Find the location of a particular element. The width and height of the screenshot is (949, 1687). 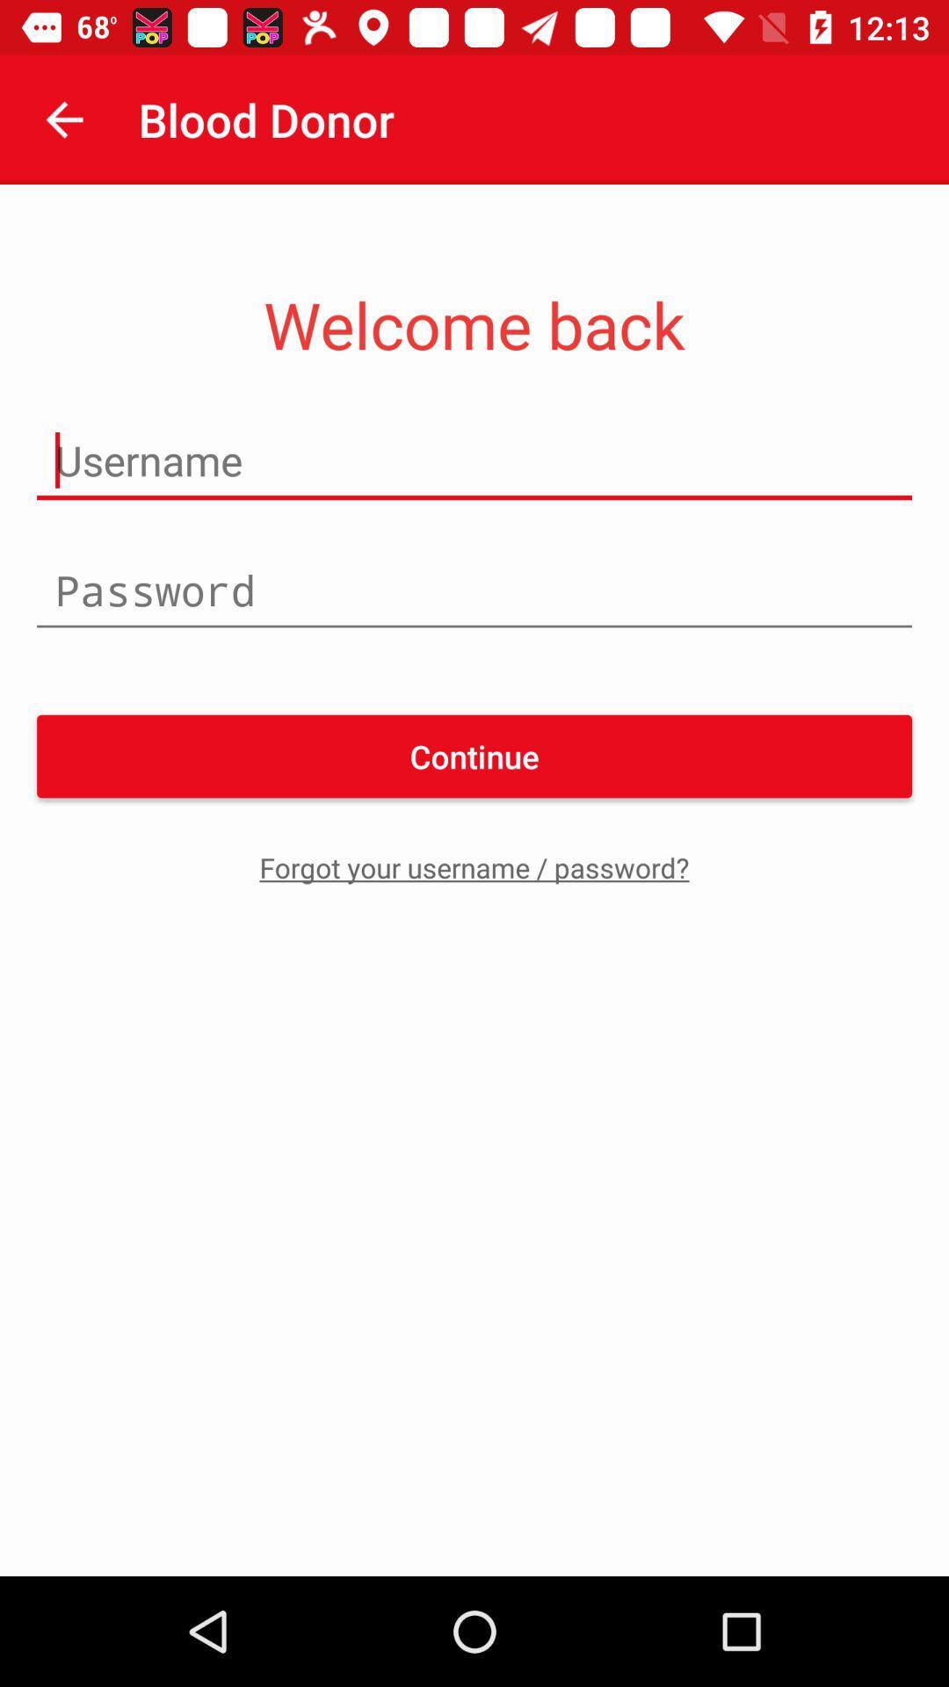

the icon below continue is located at coordinates (474, 867).